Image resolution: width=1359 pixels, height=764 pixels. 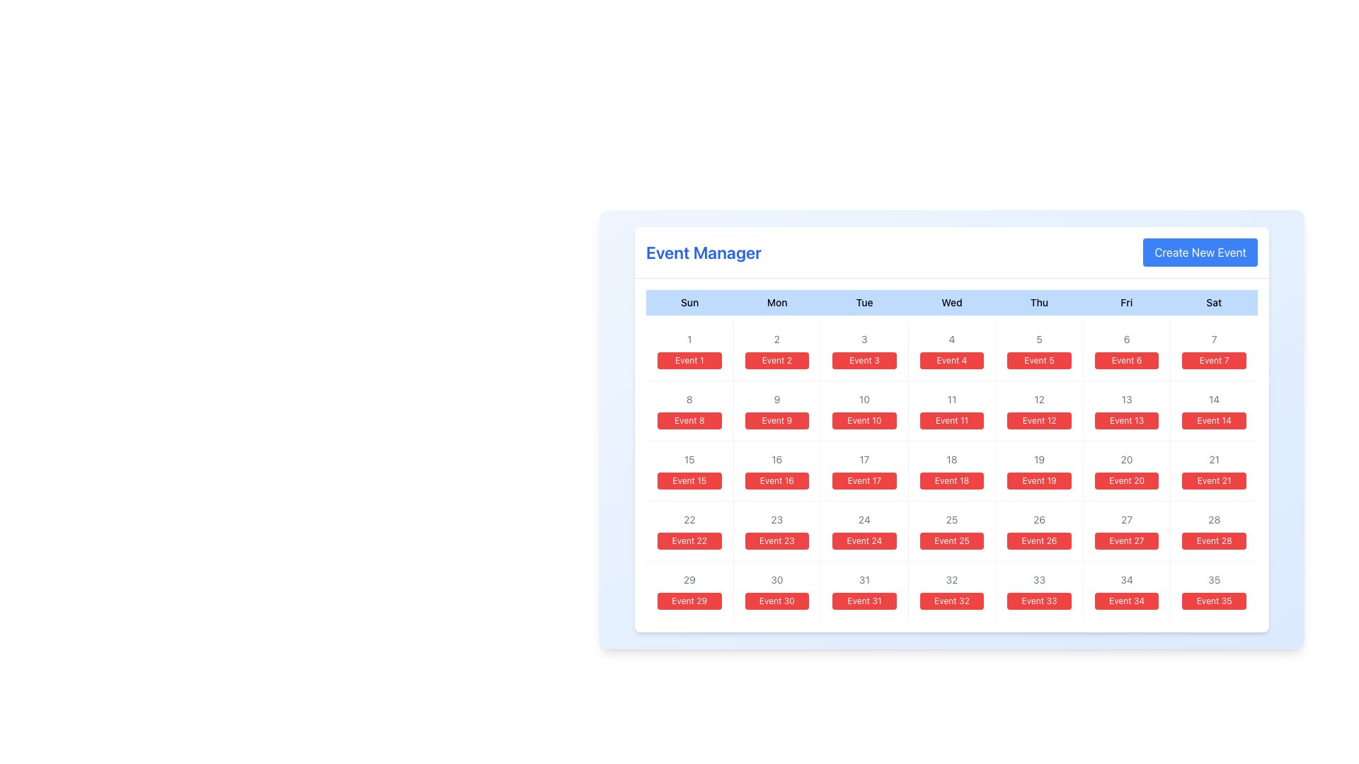 What do you see at coordinates (951, 471) in the screenshot?
I see `the clickable card displaying details for 'Event 18' located in the fourth column of the third row under the 'Wed' day label` at bounding box center [951, 471].